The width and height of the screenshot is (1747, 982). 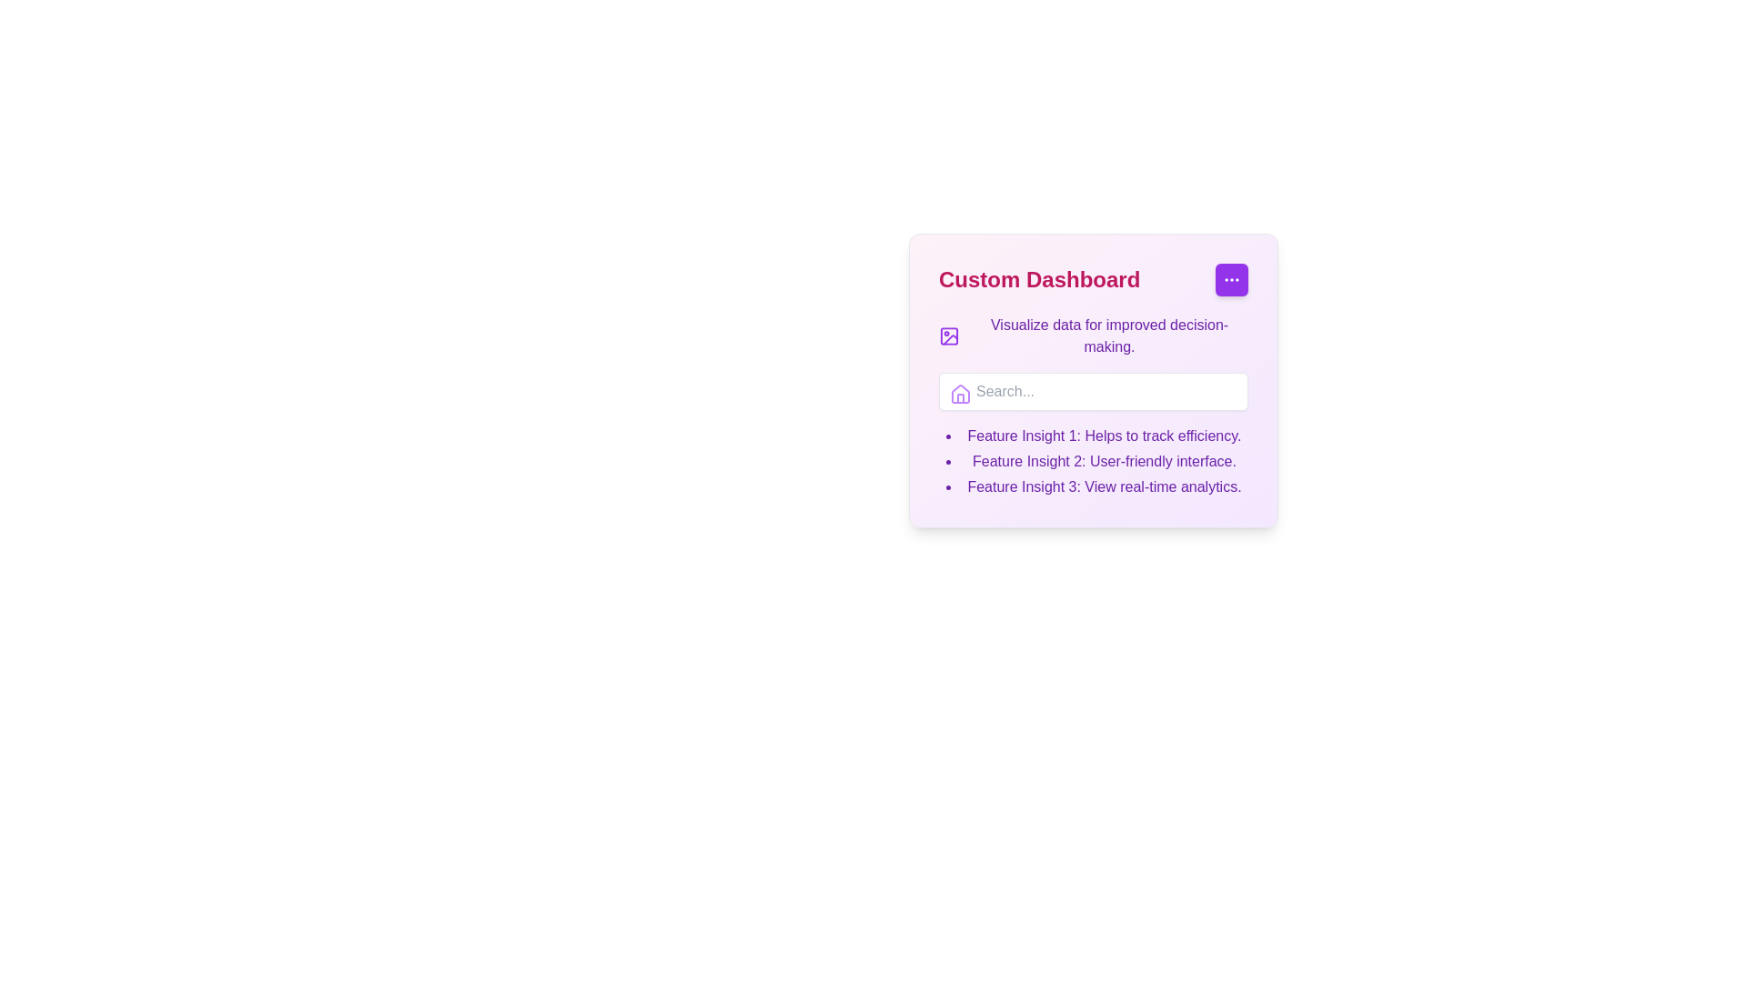 What do you see at coordinates (948, 336) in the screenshot?
I see `the small square-shaped vibrant purple icon located to the left of the text 'Visualize data for improved decision-making.'` at bounding box center [948, 336].